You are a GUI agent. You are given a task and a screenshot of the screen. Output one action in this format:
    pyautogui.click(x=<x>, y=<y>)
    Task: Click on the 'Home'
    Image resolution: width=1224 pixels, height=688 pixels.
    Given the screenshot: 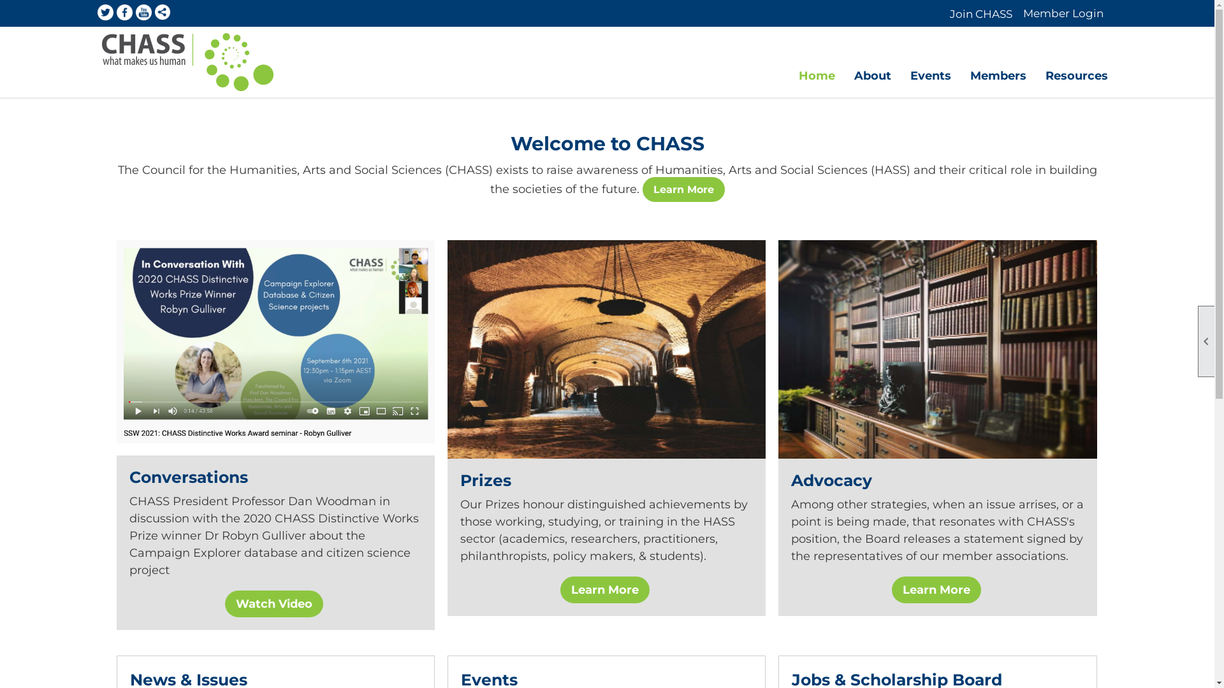 What is the action you would take?
    pyautogui.click(x=816, y=76)
    